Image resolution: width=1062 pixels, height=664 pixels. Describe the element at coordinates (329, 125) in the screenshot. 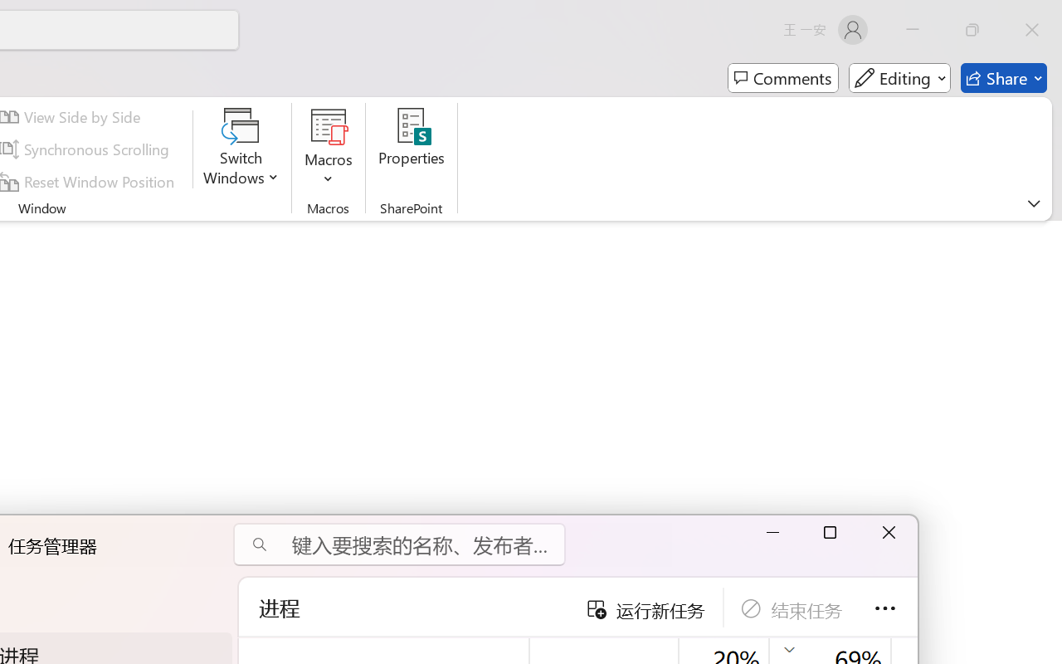

I see `'View Macros'` at that location.